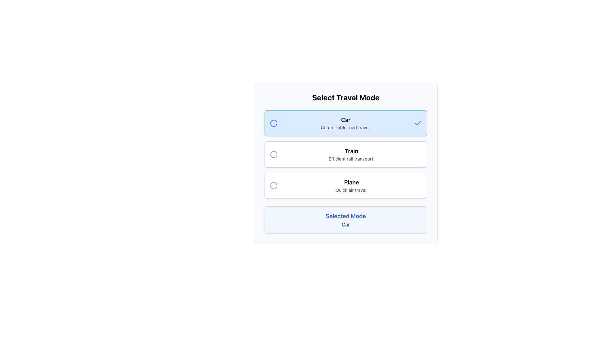  Describe the element at coordinates (345, 224) in the screenshot. I see `the text label indicating the selected travel mode, which currently displays 'Car', located below the 'Selected Mode' text in a rounded, light blue box` at that location.